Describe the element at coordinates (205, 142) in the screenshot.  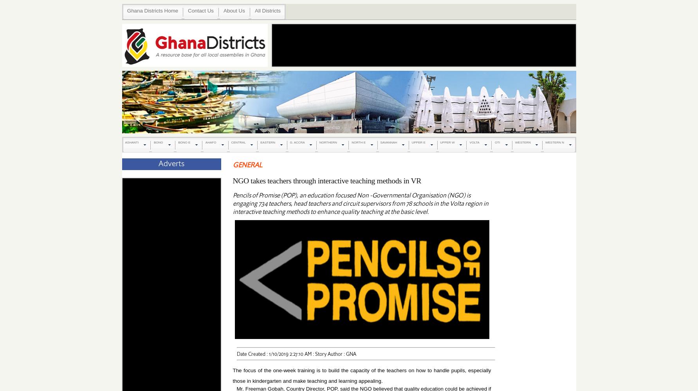
I see `'AHAFO'` at that location.